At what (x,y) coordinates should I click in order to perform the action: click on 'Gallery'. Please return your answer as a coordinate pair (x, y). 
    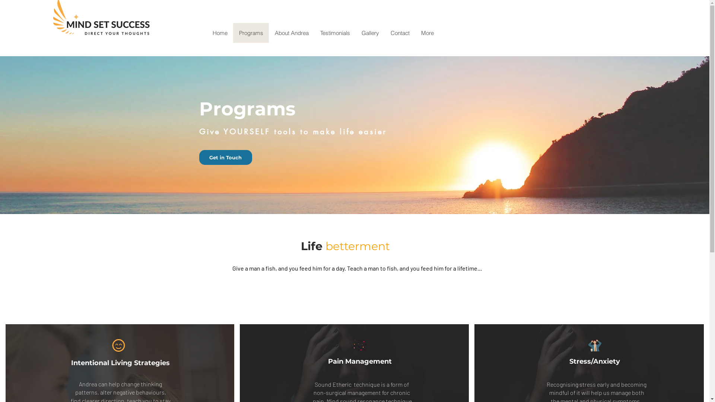
    Looking at the image, I should click on (370, 32).